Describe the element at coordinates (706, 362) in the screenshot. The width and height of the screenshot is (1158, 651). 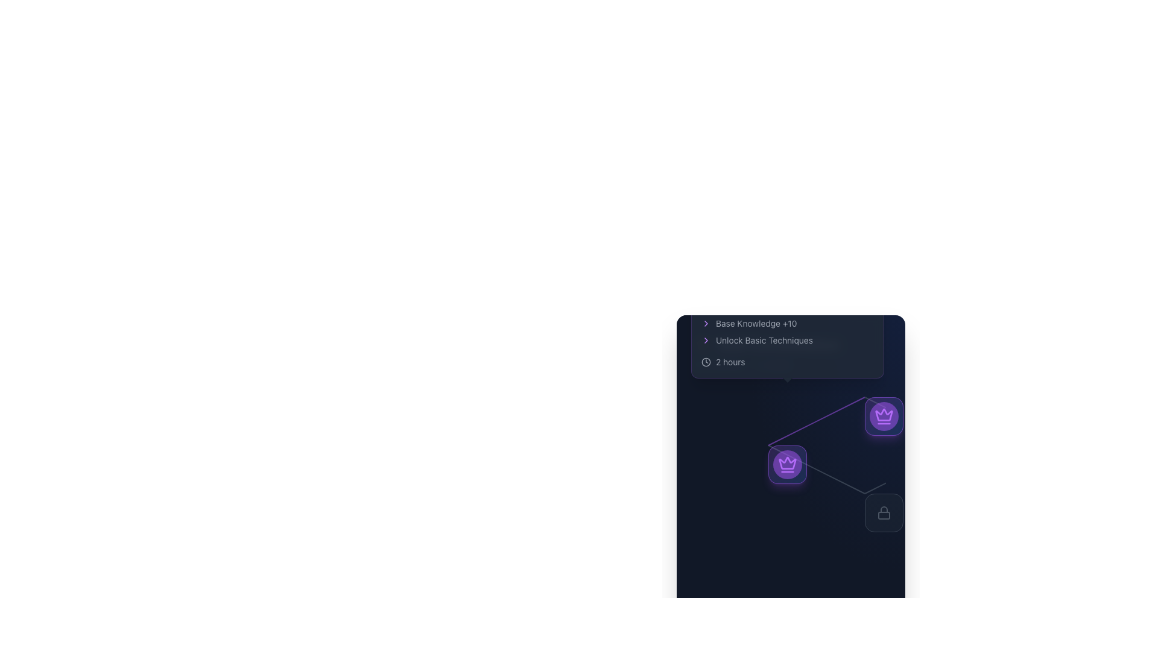
I see `the small clock icon with a circular outline and clock hands, located to the left of the text '2 hours'` at that location.